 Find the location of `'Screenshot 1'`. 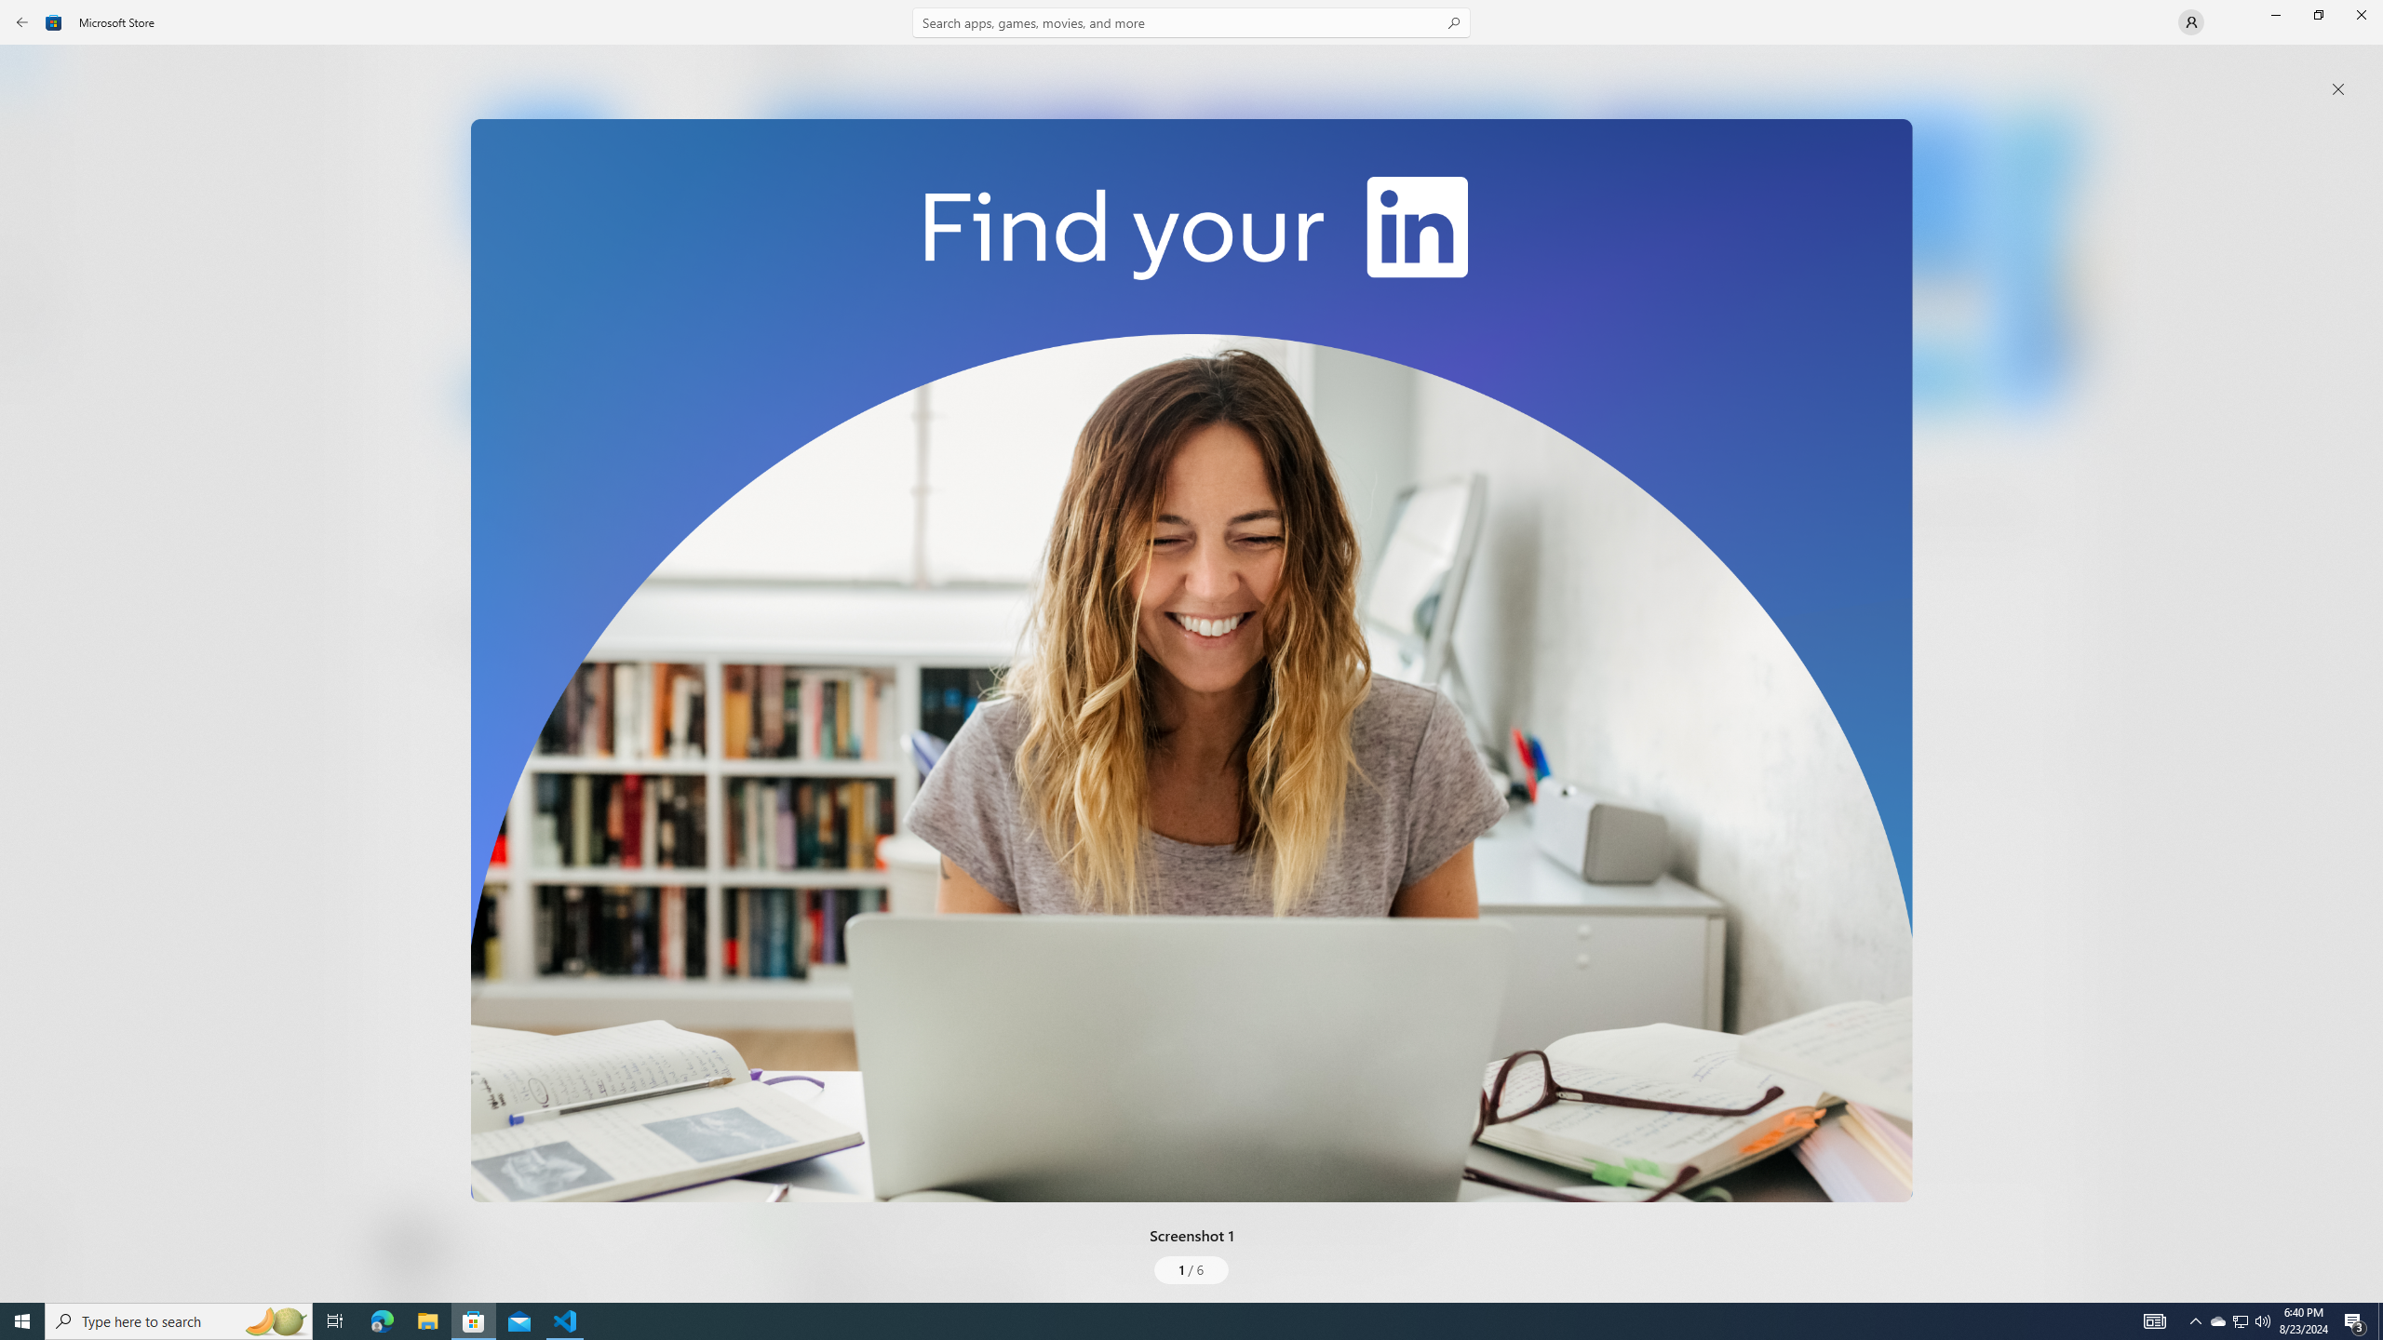

'Screenshot 1' is located at coordinates (1191, 659).